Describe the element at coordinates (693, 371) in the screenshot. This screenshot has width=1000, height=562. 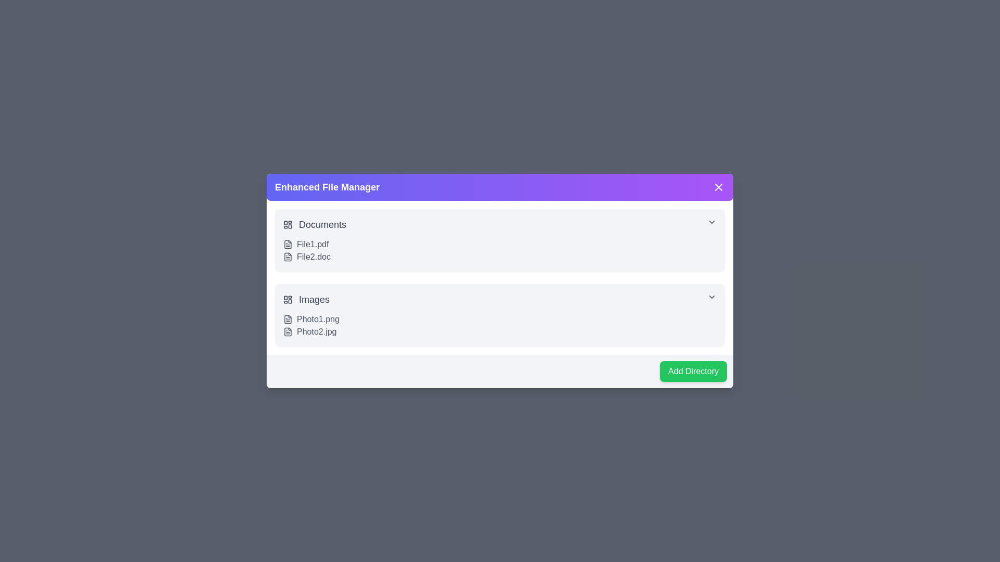
I see `'Add Directory' button to add a new directory` at that location.